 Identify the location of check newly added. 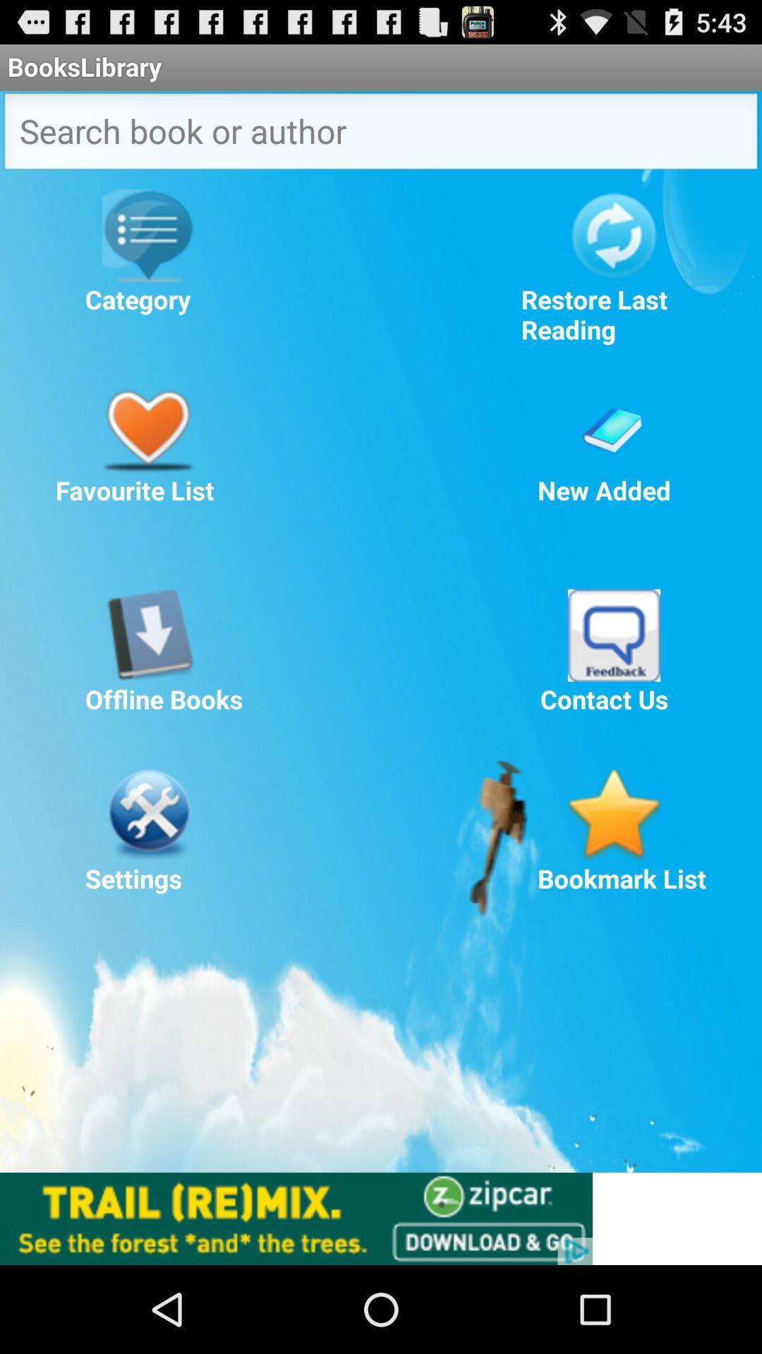
(613, 425).